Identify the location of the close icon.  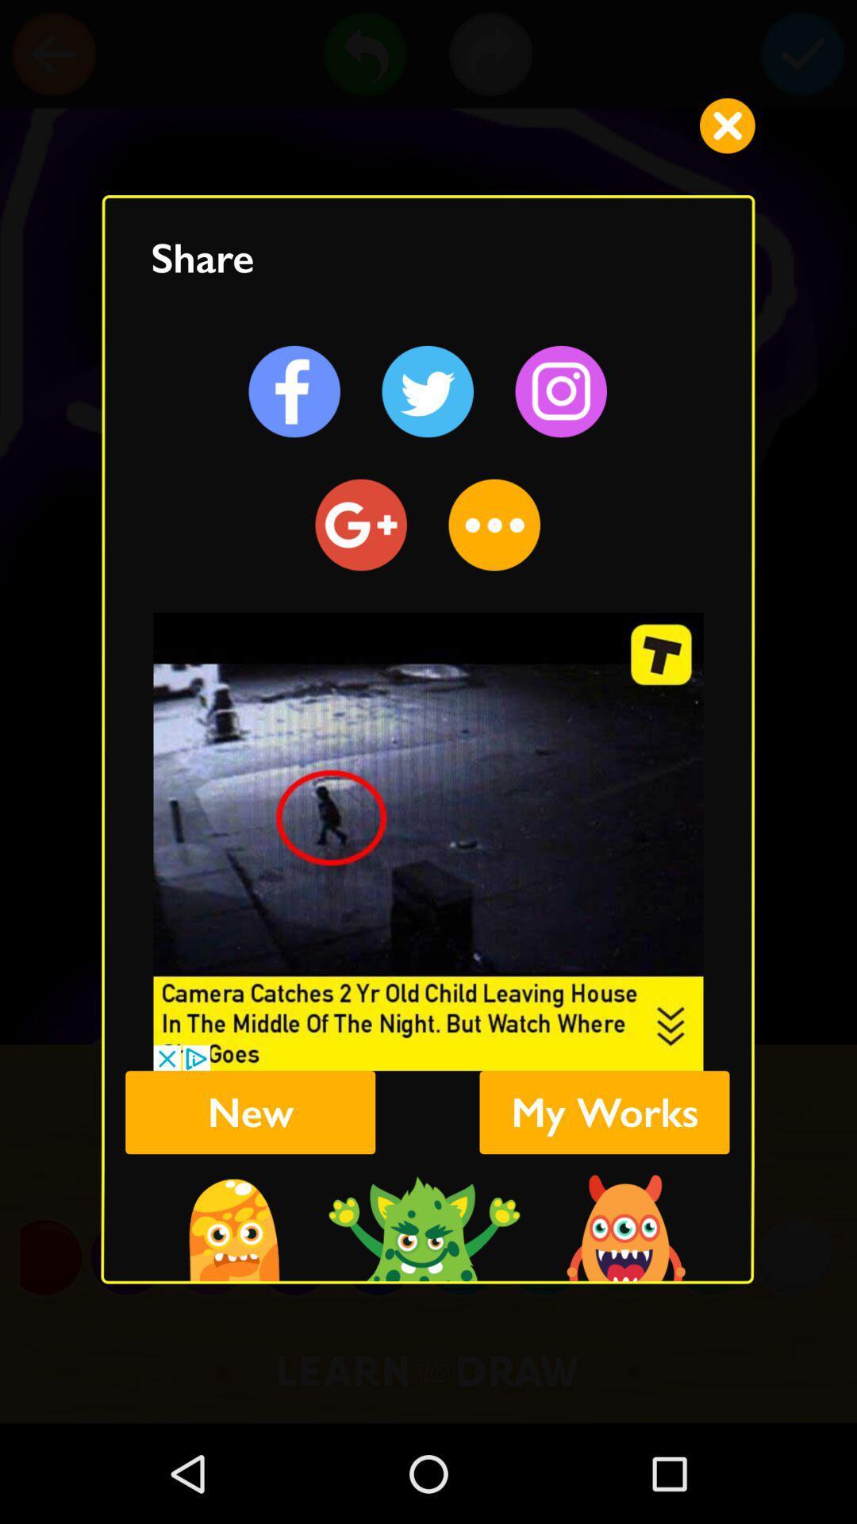
(727, 125).